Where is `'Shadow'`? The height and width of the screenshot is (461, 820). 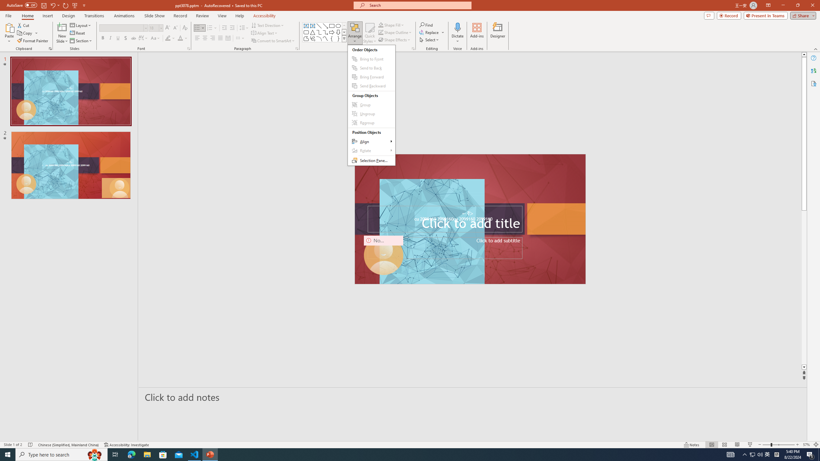 'Shadow' is located at coordinates (125, 38).